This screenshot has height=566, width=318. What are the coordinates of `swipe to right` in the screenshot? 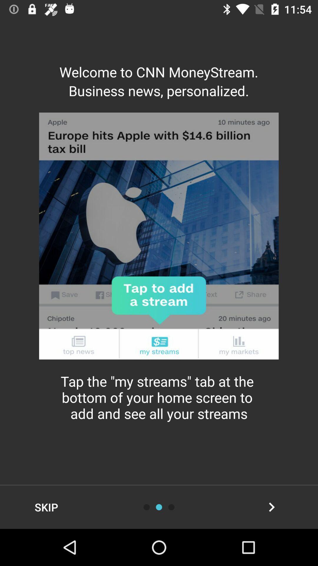 It's located at (171, 507).